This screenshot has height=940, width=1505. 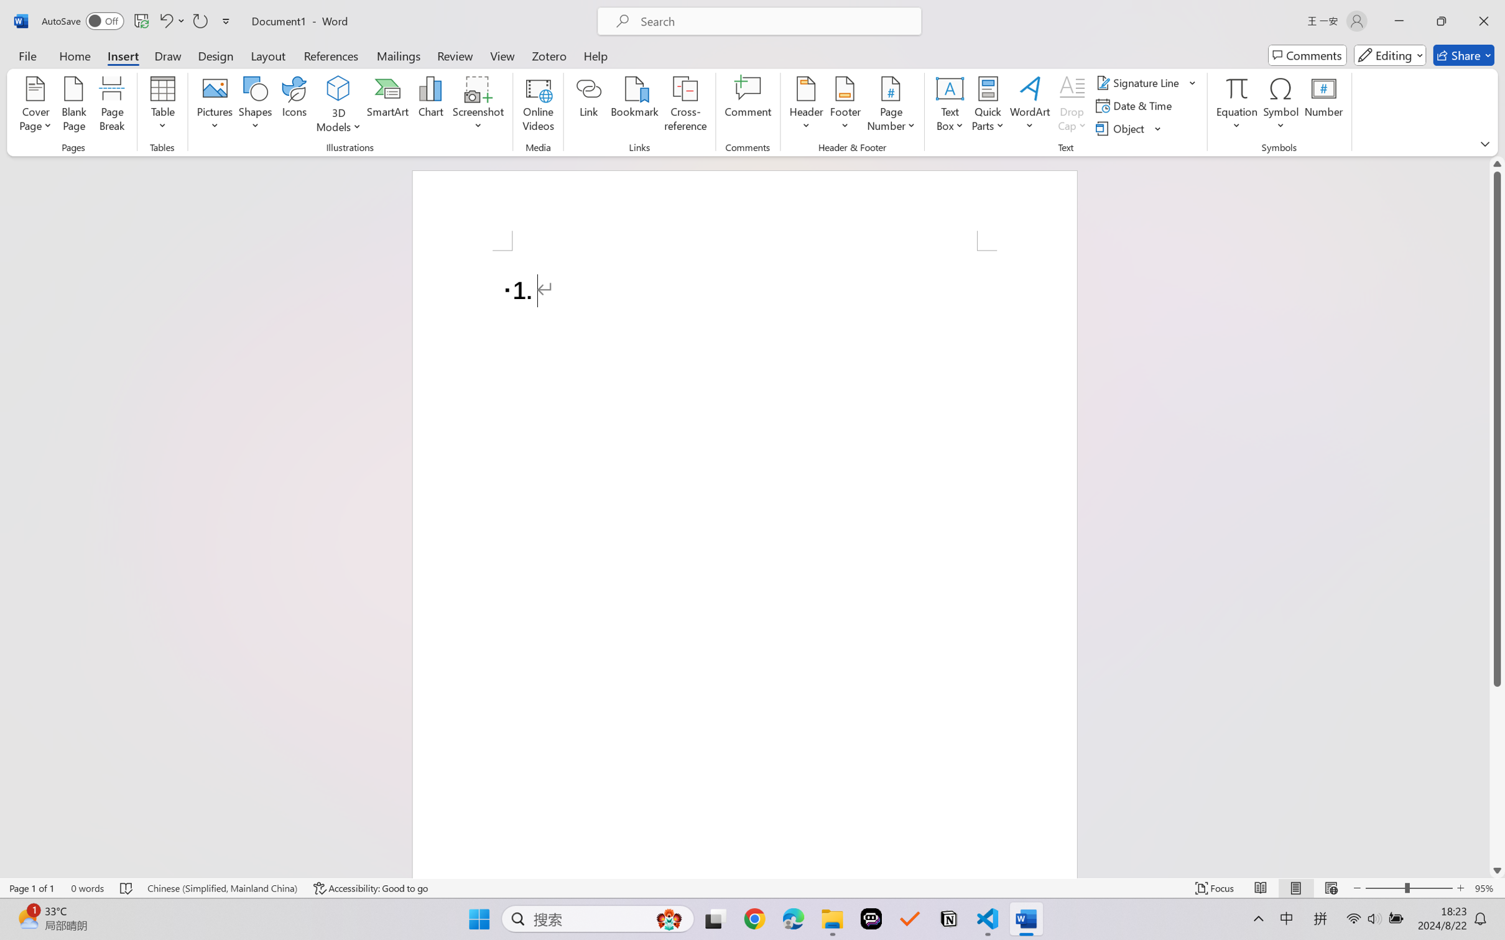 What do you see at coordinates (338, 106) in the screenshot?
I see `'3D Models'` at bounding box center [338, 106].